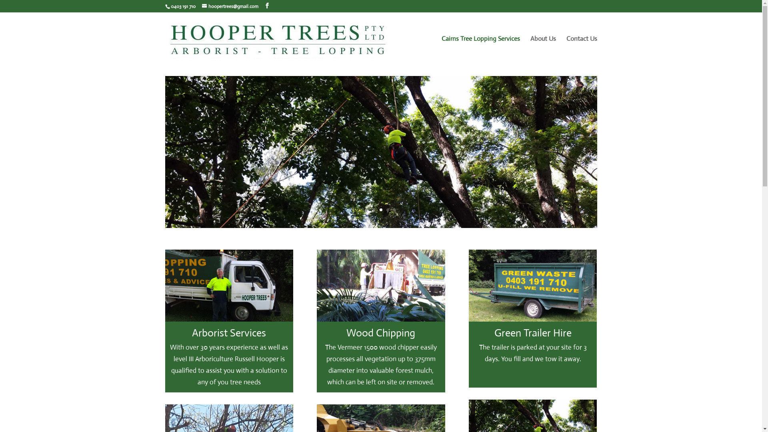 Image resolution: width=768 pixels, height=432 pixels. What do you see at coordinates (388, 209) in the screenshot?
I see `'4'` at bounding box center [388, 209].